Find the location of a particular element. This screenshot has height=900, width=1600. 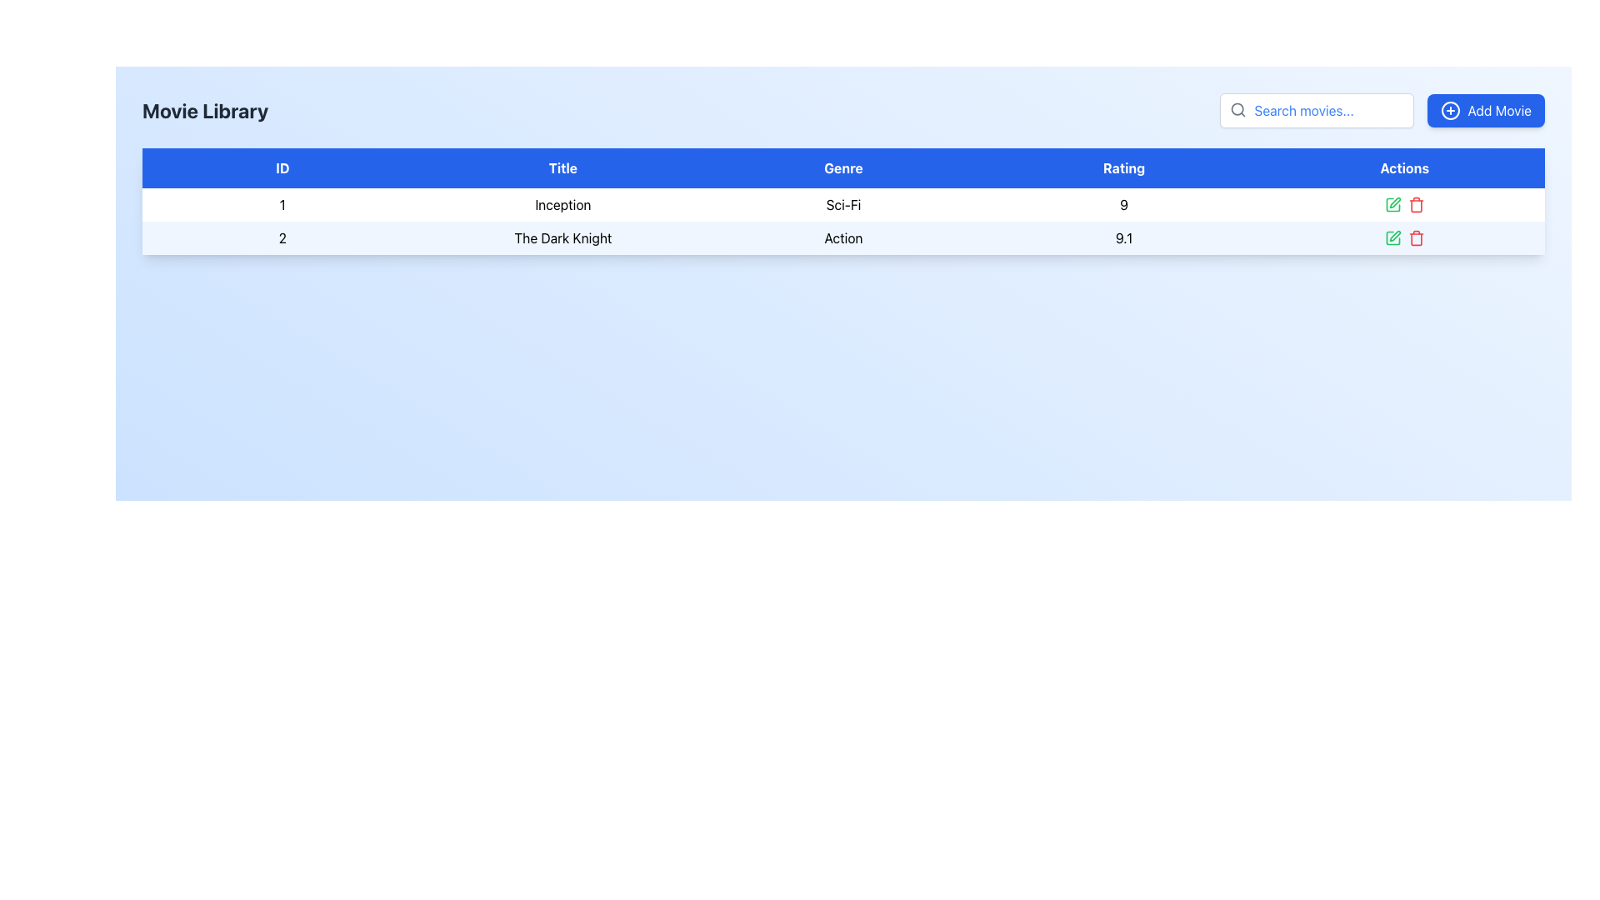

the icon located to the left of the 'Add Movie' text inside the blue button in the top-right corner of the interface to initiate the addition of a new movie is located at coordinates (1450, 110).